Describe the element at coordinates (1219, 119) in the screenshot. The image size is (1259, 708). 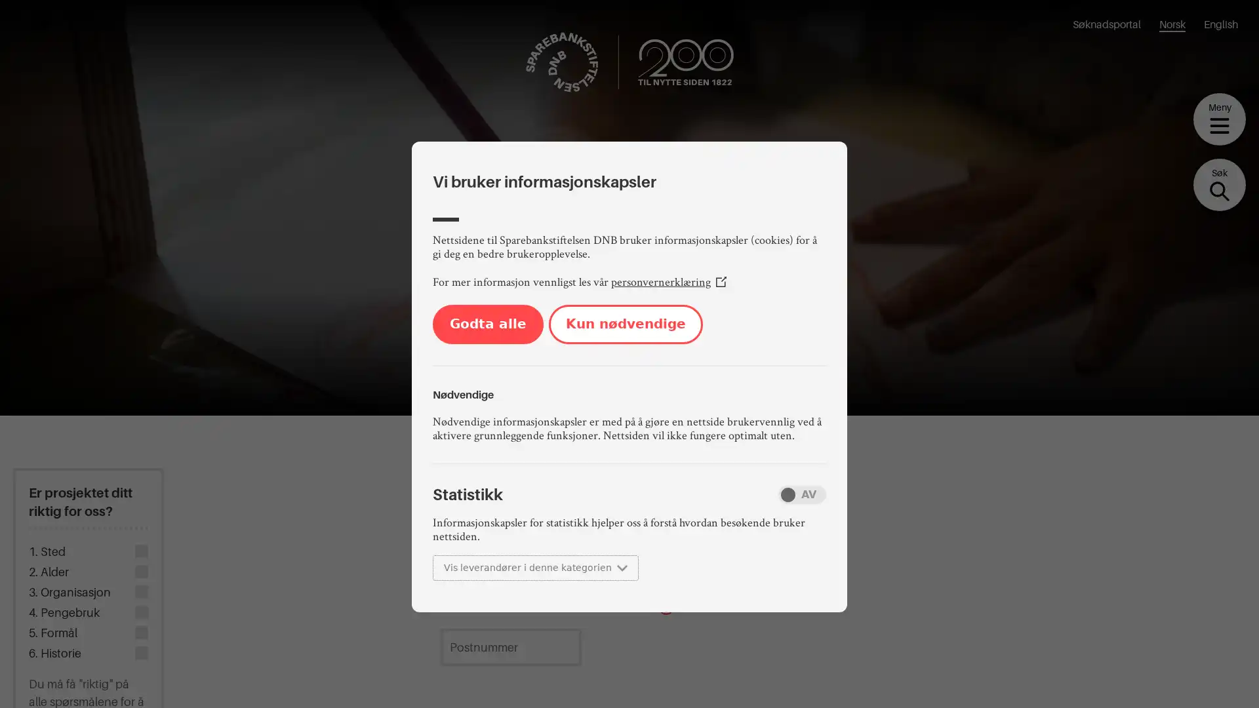
I see `Meny Meny` at that location.